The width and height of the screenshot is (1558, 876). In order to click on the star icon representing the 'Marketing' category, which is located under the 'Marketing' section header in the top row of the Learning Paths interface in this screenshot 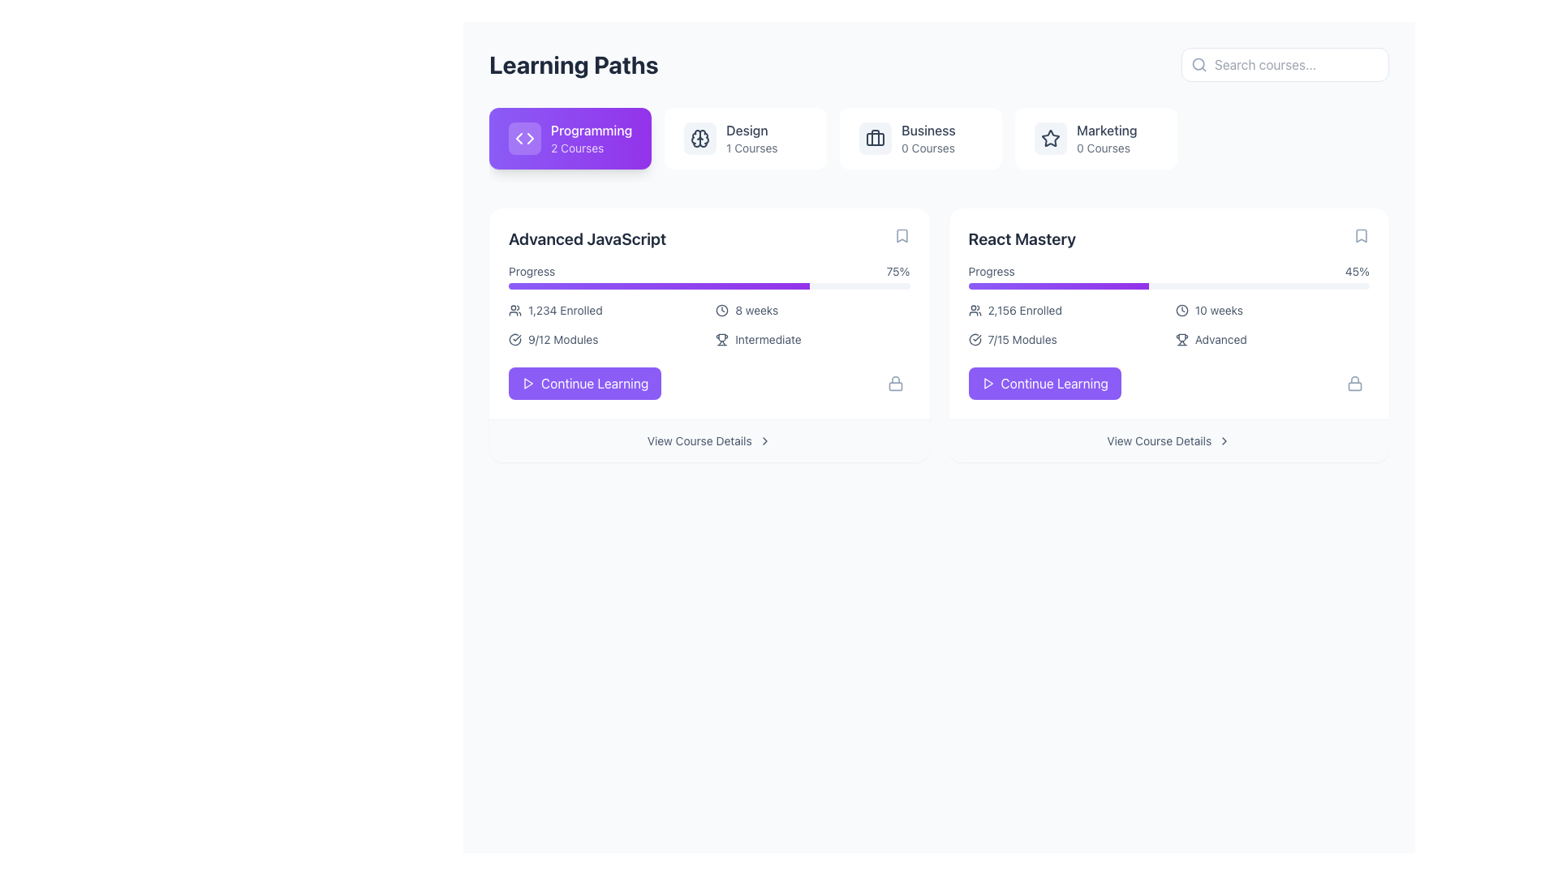, I will do `click(1051, 137)`.